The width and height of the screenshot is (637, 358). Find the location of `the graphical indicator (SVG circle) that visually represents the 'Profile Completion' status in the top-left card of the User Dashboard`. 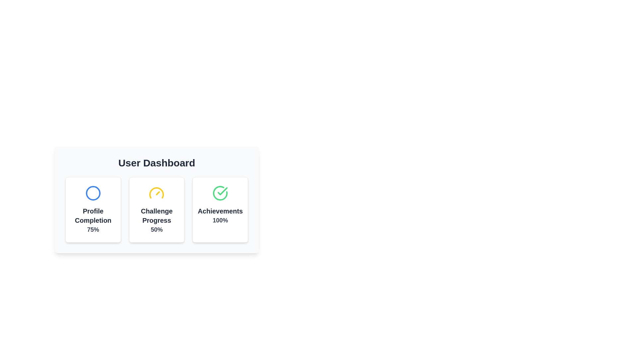

the graphical indicator (SVG circle) that visually represents the 'Profile Completion' status in the top-left card of the User Dashboard is located at coordinates (93, 193).